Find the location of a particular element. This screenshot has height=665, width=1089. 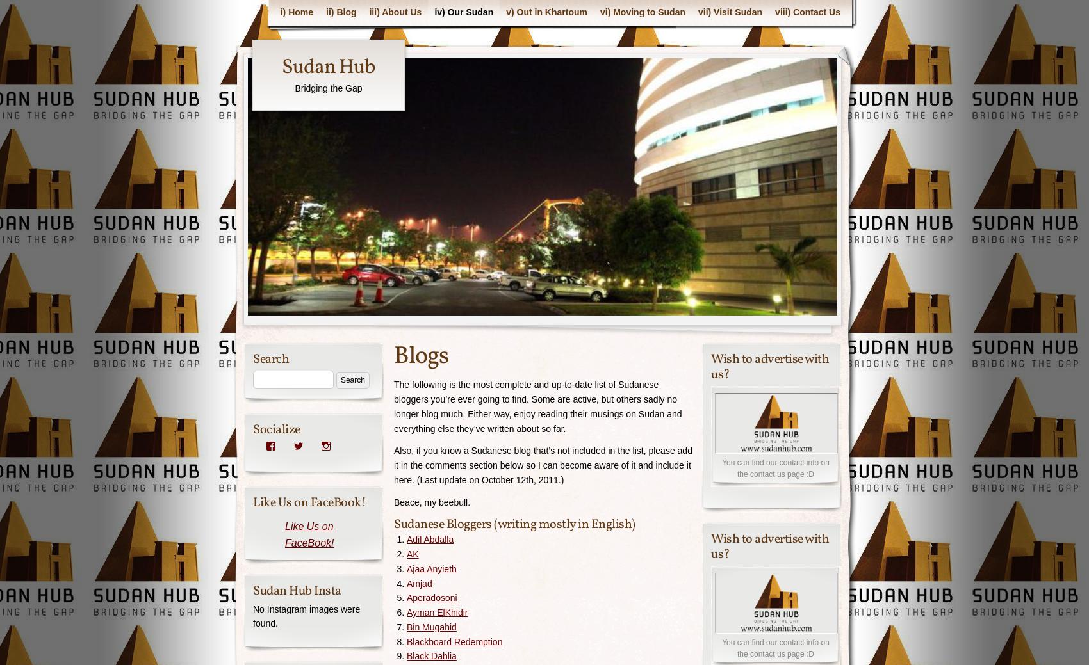

'Ayman ElKhidir' is located at coordinates (437, 613).